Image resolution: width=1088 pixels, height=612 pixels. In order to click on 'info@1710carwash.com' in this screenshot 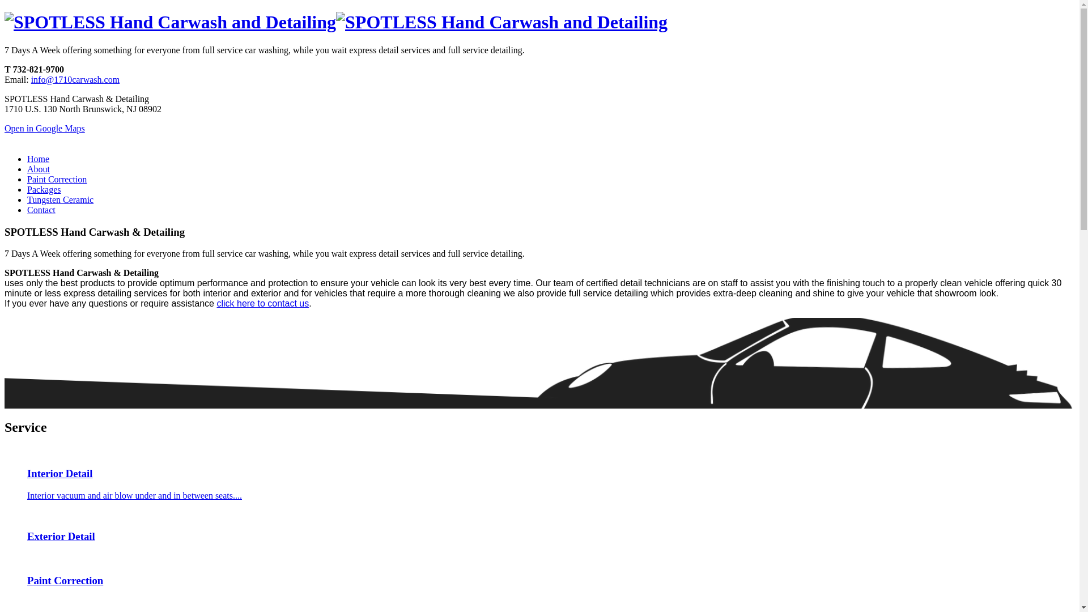, I will do `click(75, 79)`.